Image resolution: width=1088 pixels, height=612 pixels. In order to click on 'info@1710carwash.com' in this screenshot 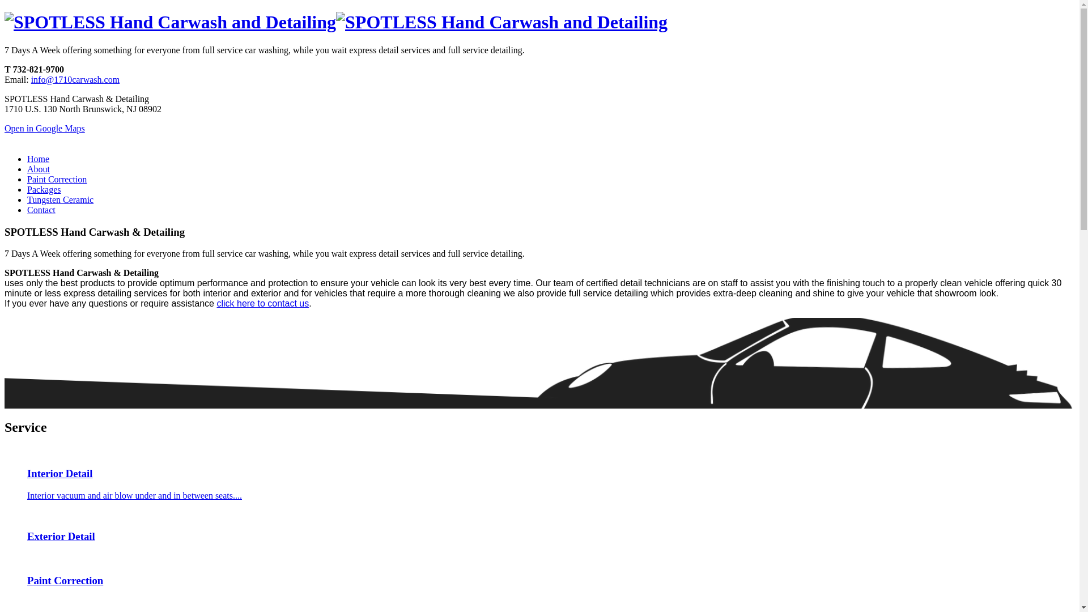, I will do `click(75, 79)`.